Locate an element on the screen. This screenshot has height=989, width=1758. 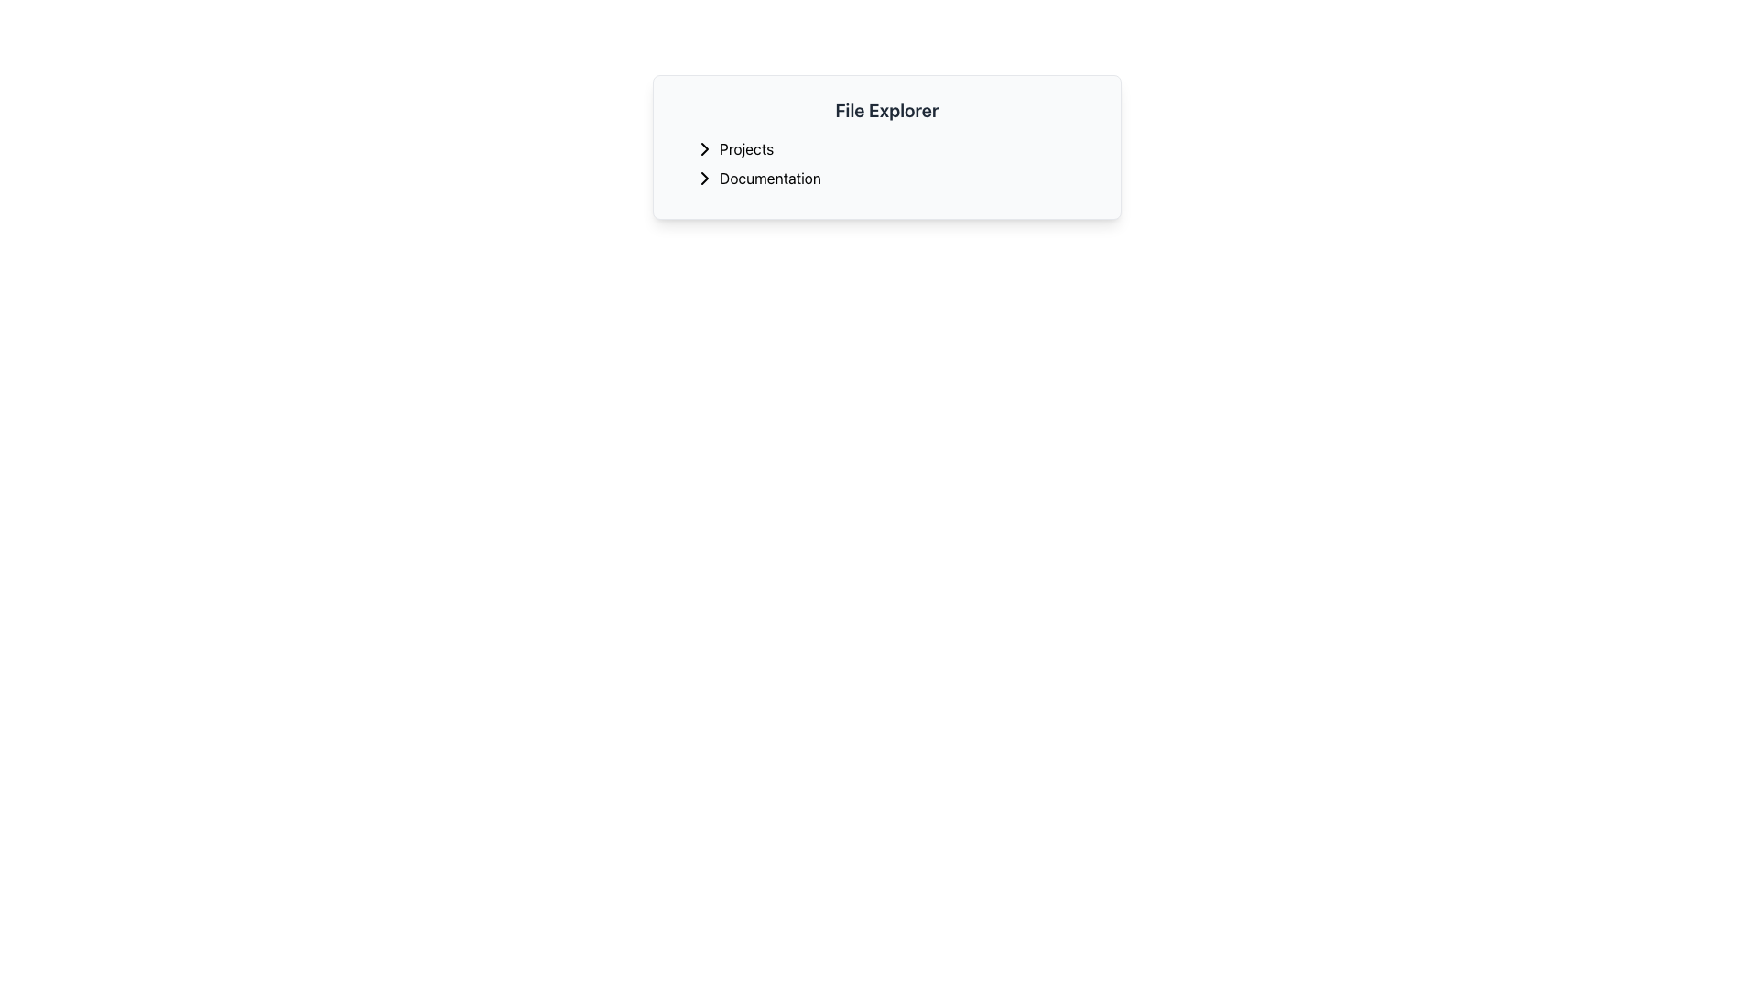
the second chevron icon is located at coordinates (703, 179).